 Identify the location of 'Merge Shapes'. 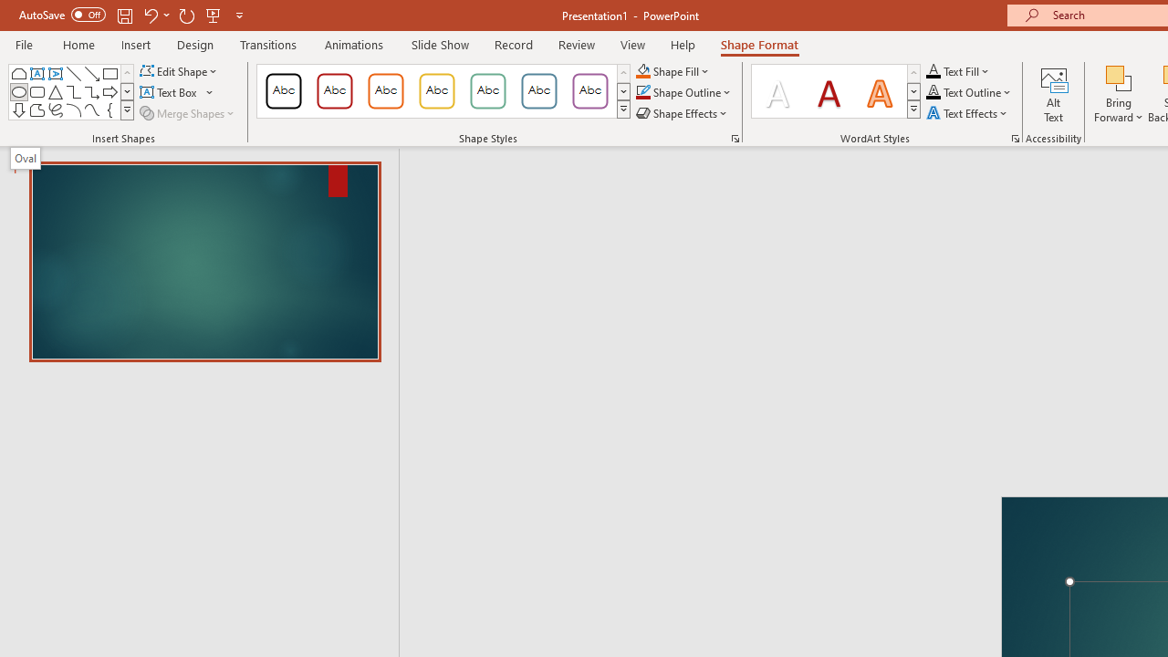
(188, 113).